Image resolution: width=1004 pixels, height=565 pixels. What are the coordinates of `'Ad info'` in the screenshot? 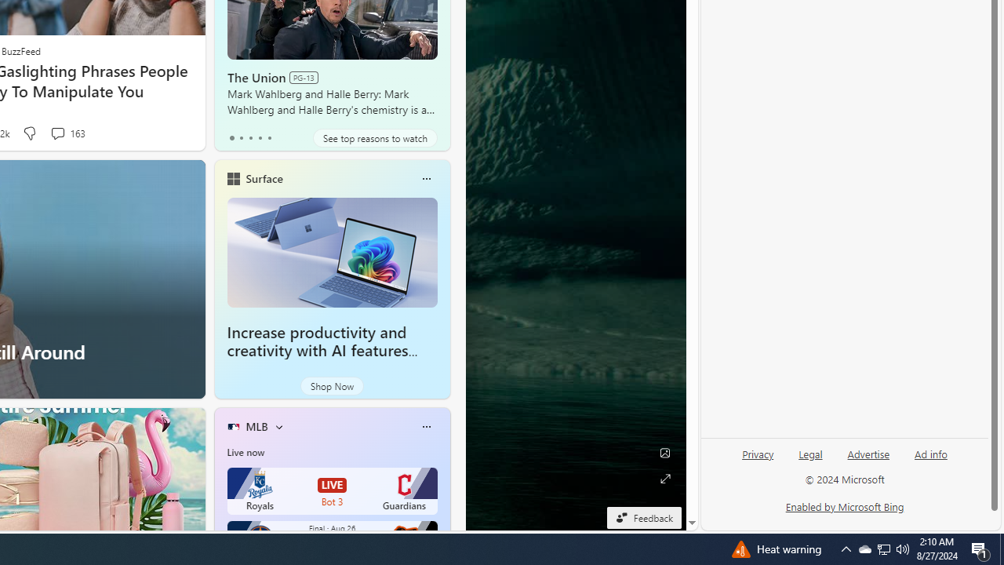 It's located at (931, 454).